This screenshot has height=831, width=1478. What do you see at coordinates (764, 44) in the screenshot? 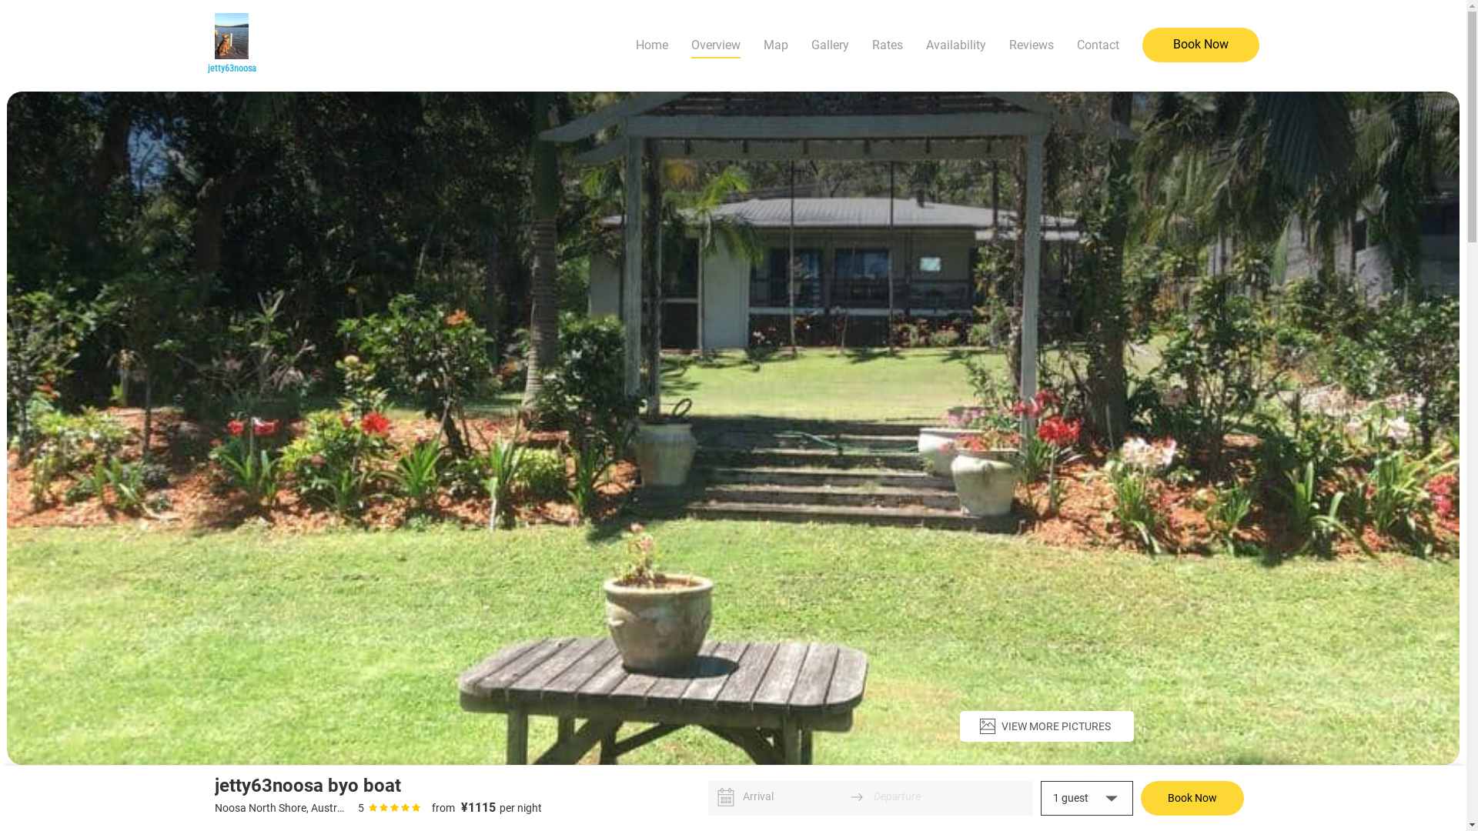
I see `'Map'` at bounding box center [764, 44].